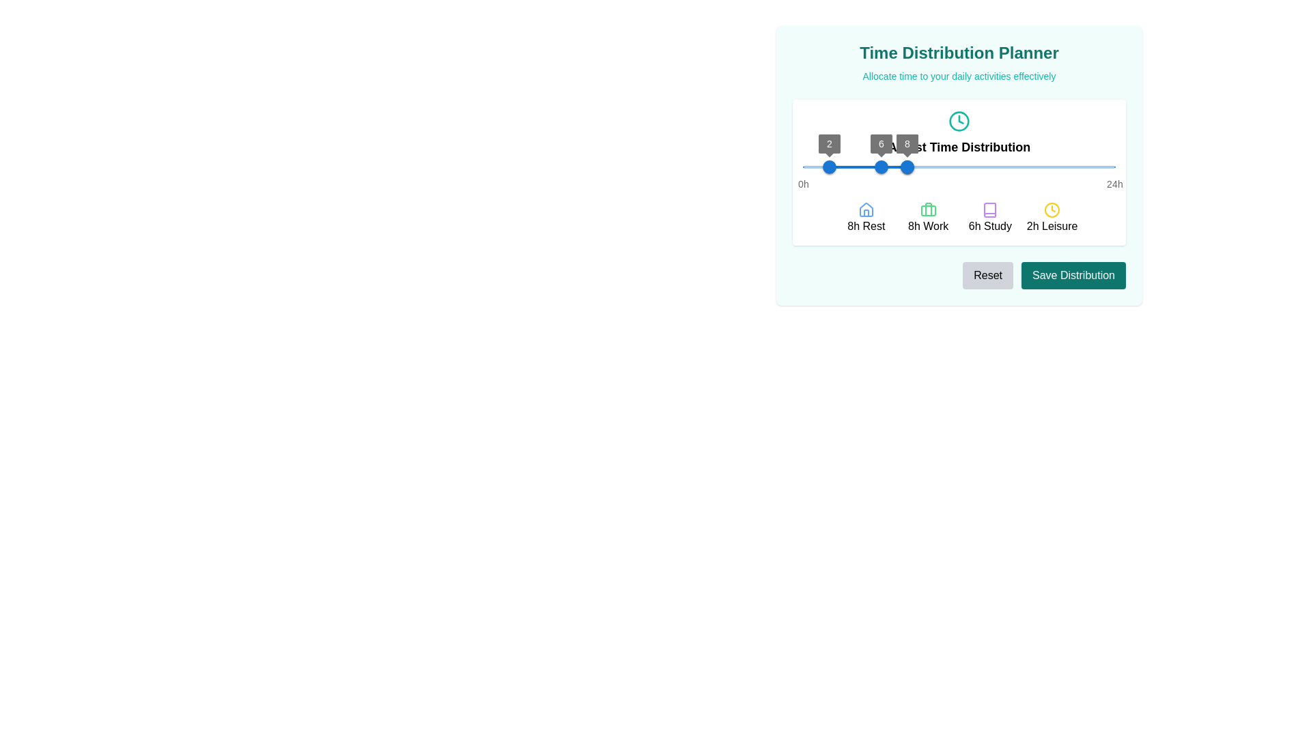 This screenshot has height=737, width=1311. I want to click on header and description text of the 'Time Distribution Planner' interface located at the top of the light teal card, directly above the 'Adjust Time Distribution' section, so click(959, 63).